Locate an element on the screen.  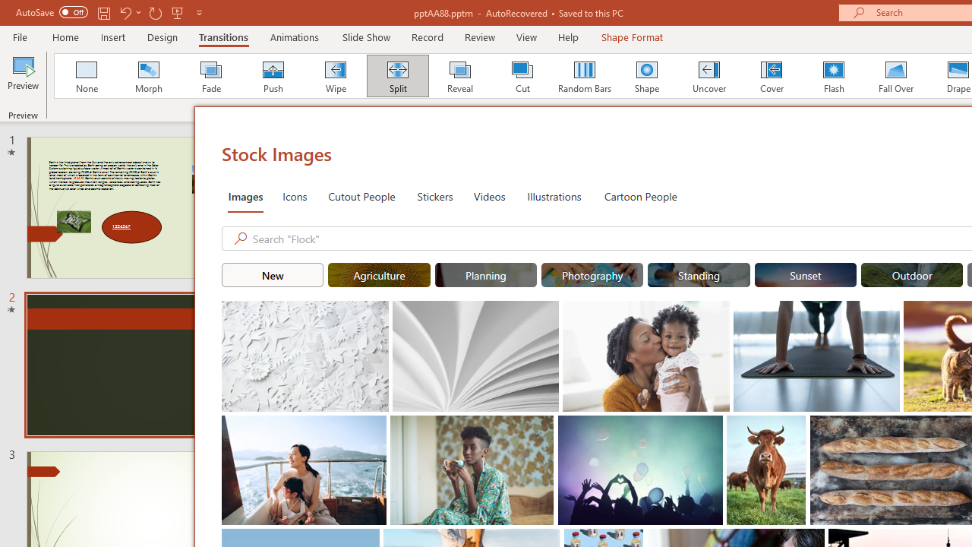
'Fade' is located at coordinates (210, 76).